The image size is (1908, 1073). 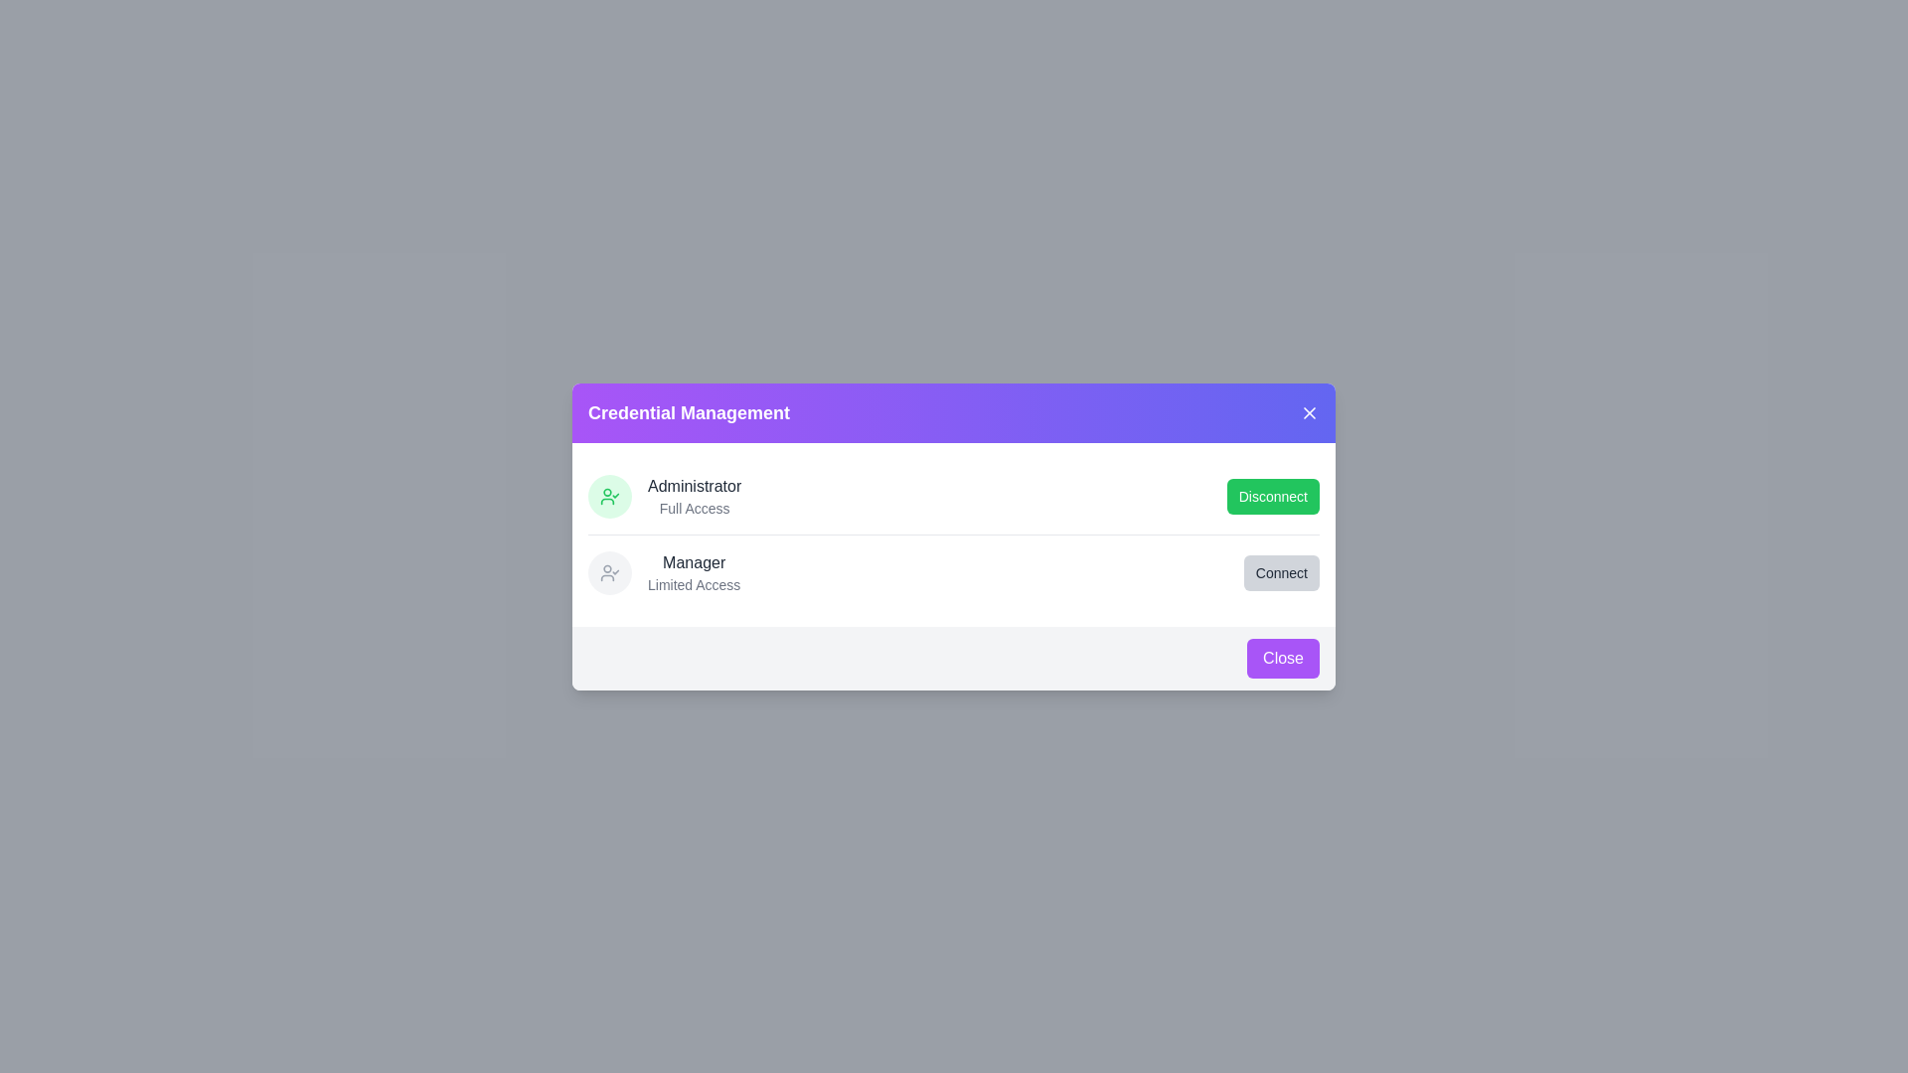 I want to click on the decorative icon indicating an approved user profile in the upper section of the modal dialog, located near the left side before the text 'Administrator' and 'Full Access', so click(x=609, y=571).